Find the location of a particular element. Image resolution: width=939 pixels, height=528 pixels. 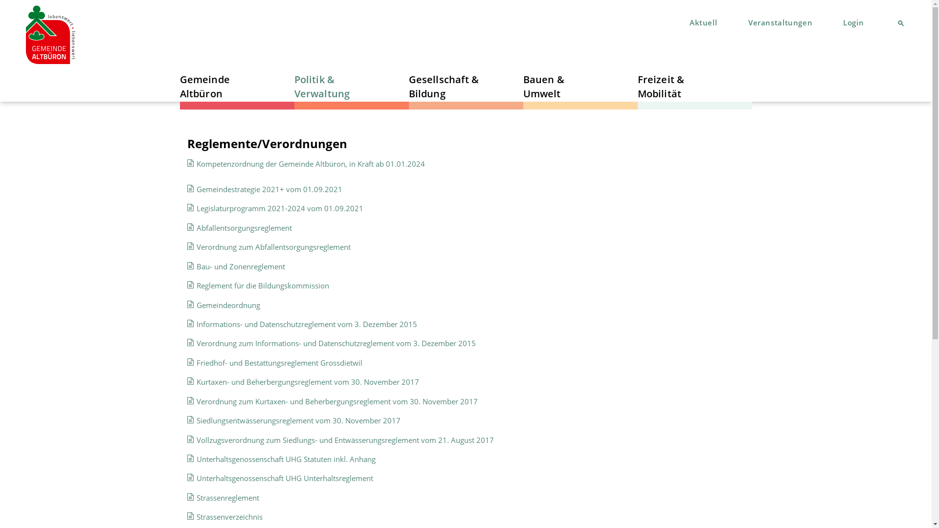

'Kurtaxen- und Beherbergungsreglement vom 30. November 2017' is located at coordinates (307, 381).